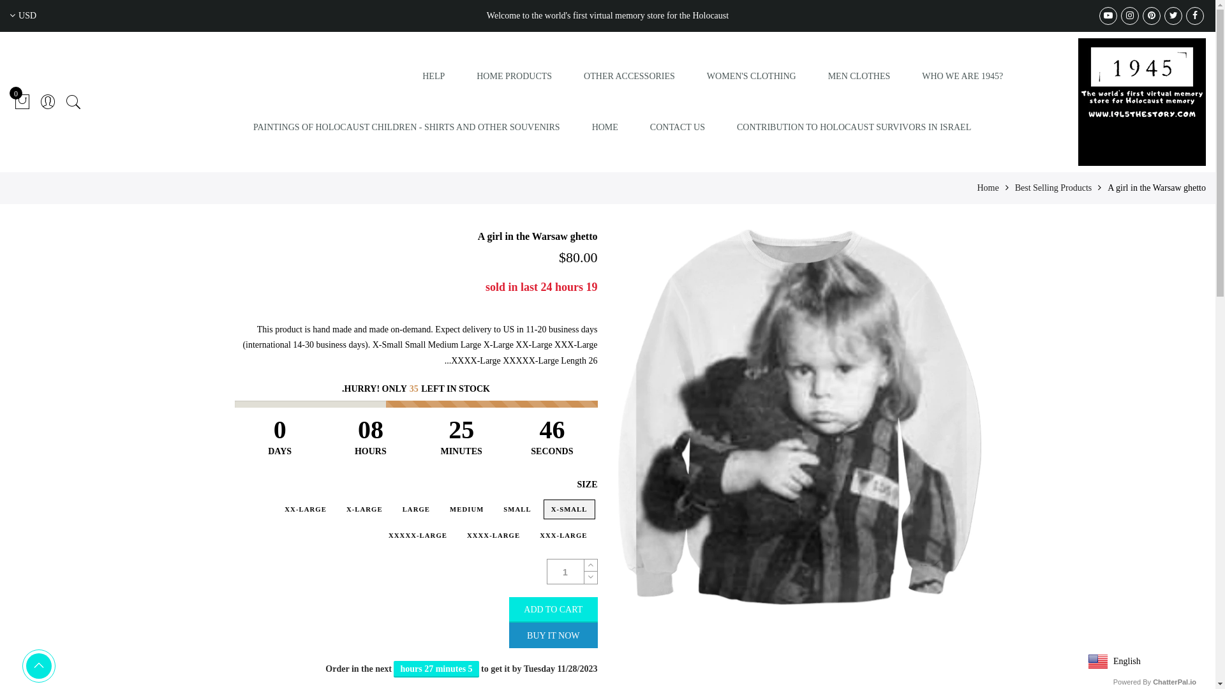 The image size is (1225, 689). I want to click on 'MEN CLOTHES', so click(859, 76).